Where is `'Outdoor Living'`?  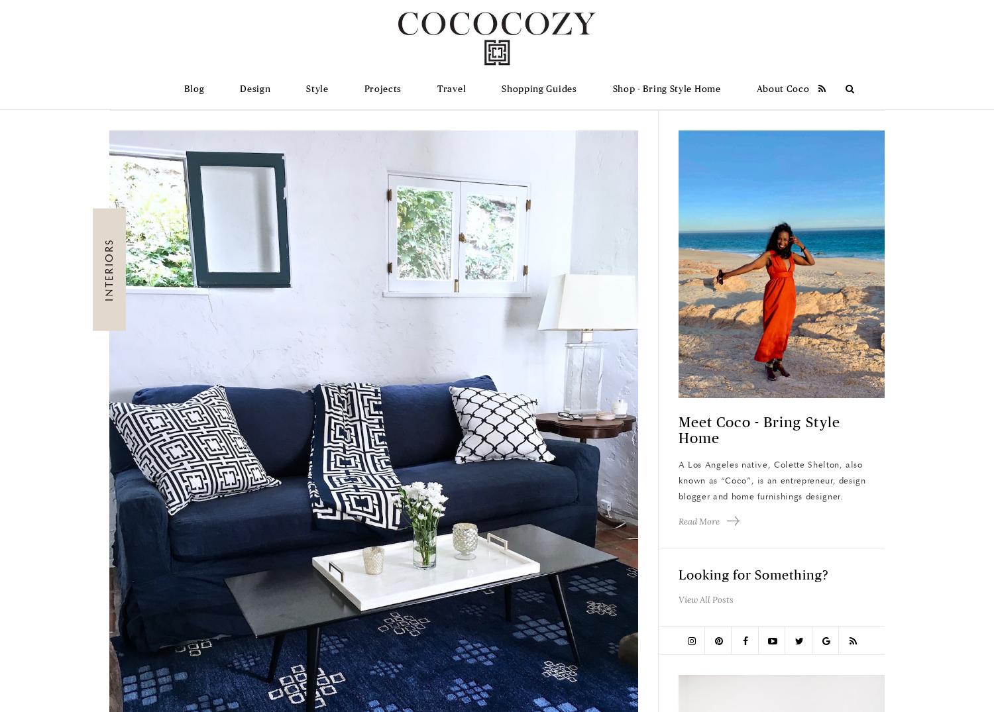
'Outdoor Living' is located at coordinates (282, 188).